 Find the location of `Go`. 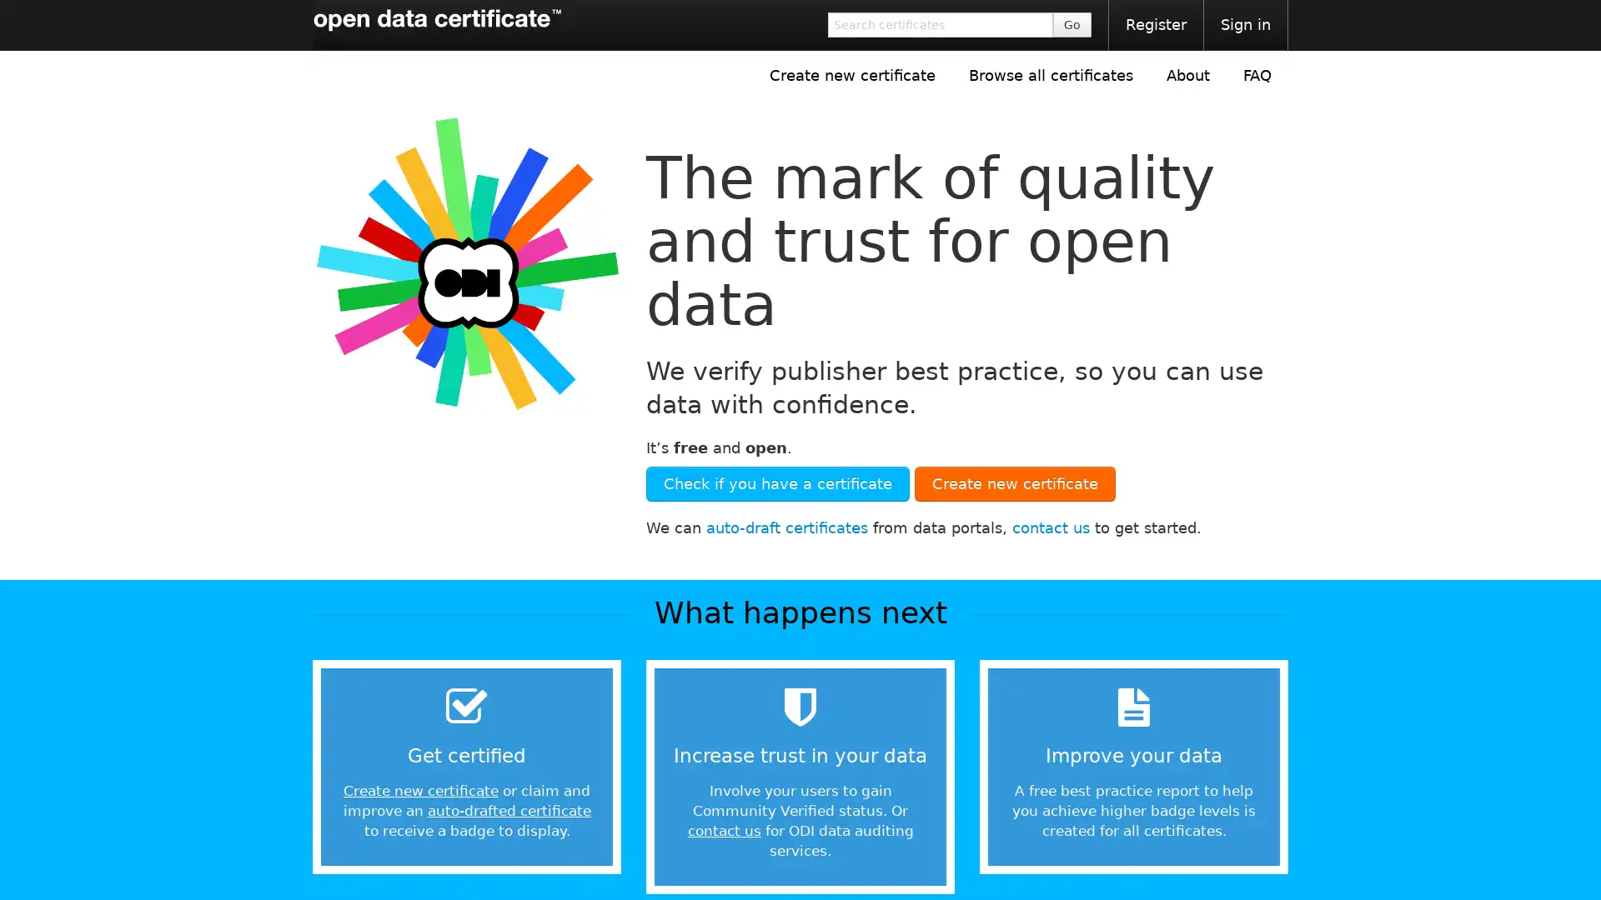

Go is located at coordinates (1072, 25).